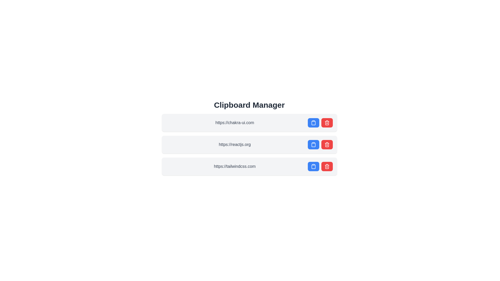  Describe the element at coordinates (313, 167) in the screenshot. I see `the clipboard icon located on the blue button in the right section of the third list entry` at that location.